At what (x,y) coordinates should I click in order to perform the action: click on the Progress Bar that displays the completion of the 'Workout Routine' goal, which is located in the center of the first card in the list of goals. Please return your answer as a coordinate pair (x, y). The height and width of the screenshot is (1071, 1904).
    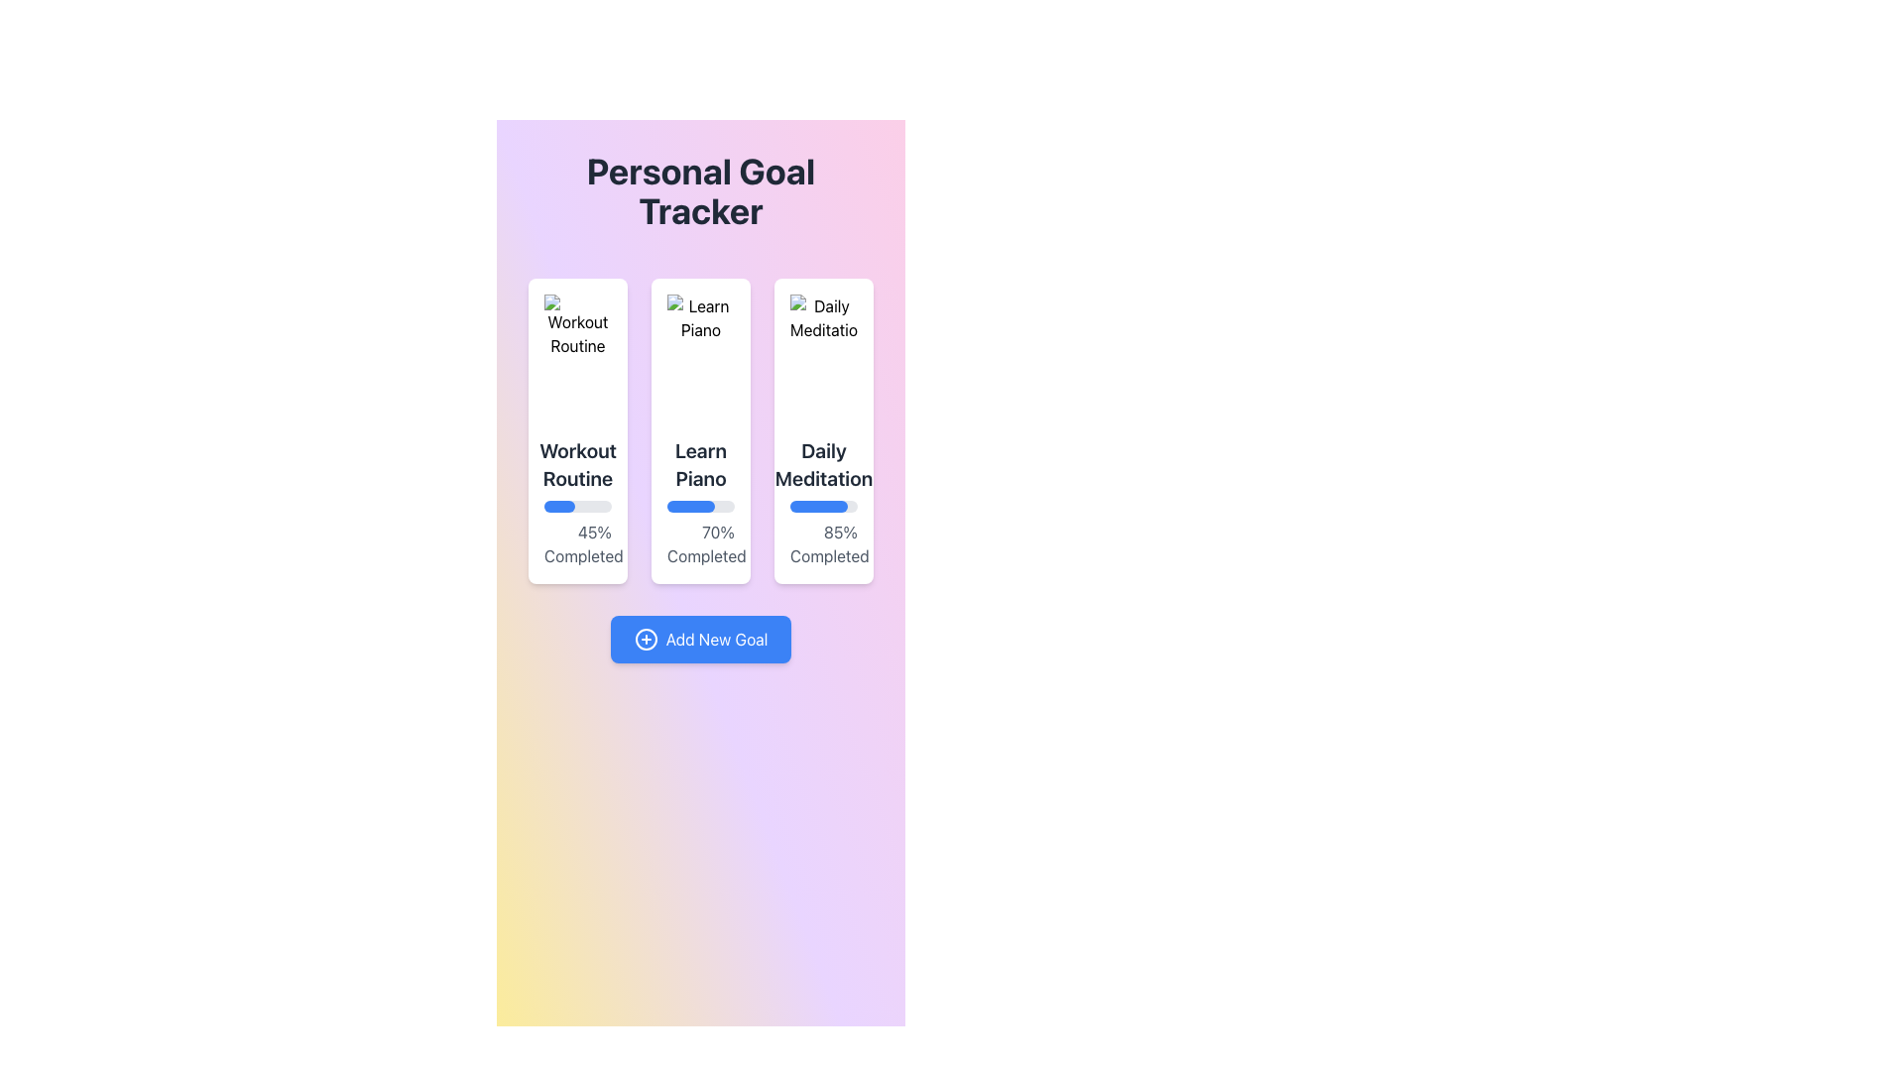
    Looking at the image, I should click on (576, 505).